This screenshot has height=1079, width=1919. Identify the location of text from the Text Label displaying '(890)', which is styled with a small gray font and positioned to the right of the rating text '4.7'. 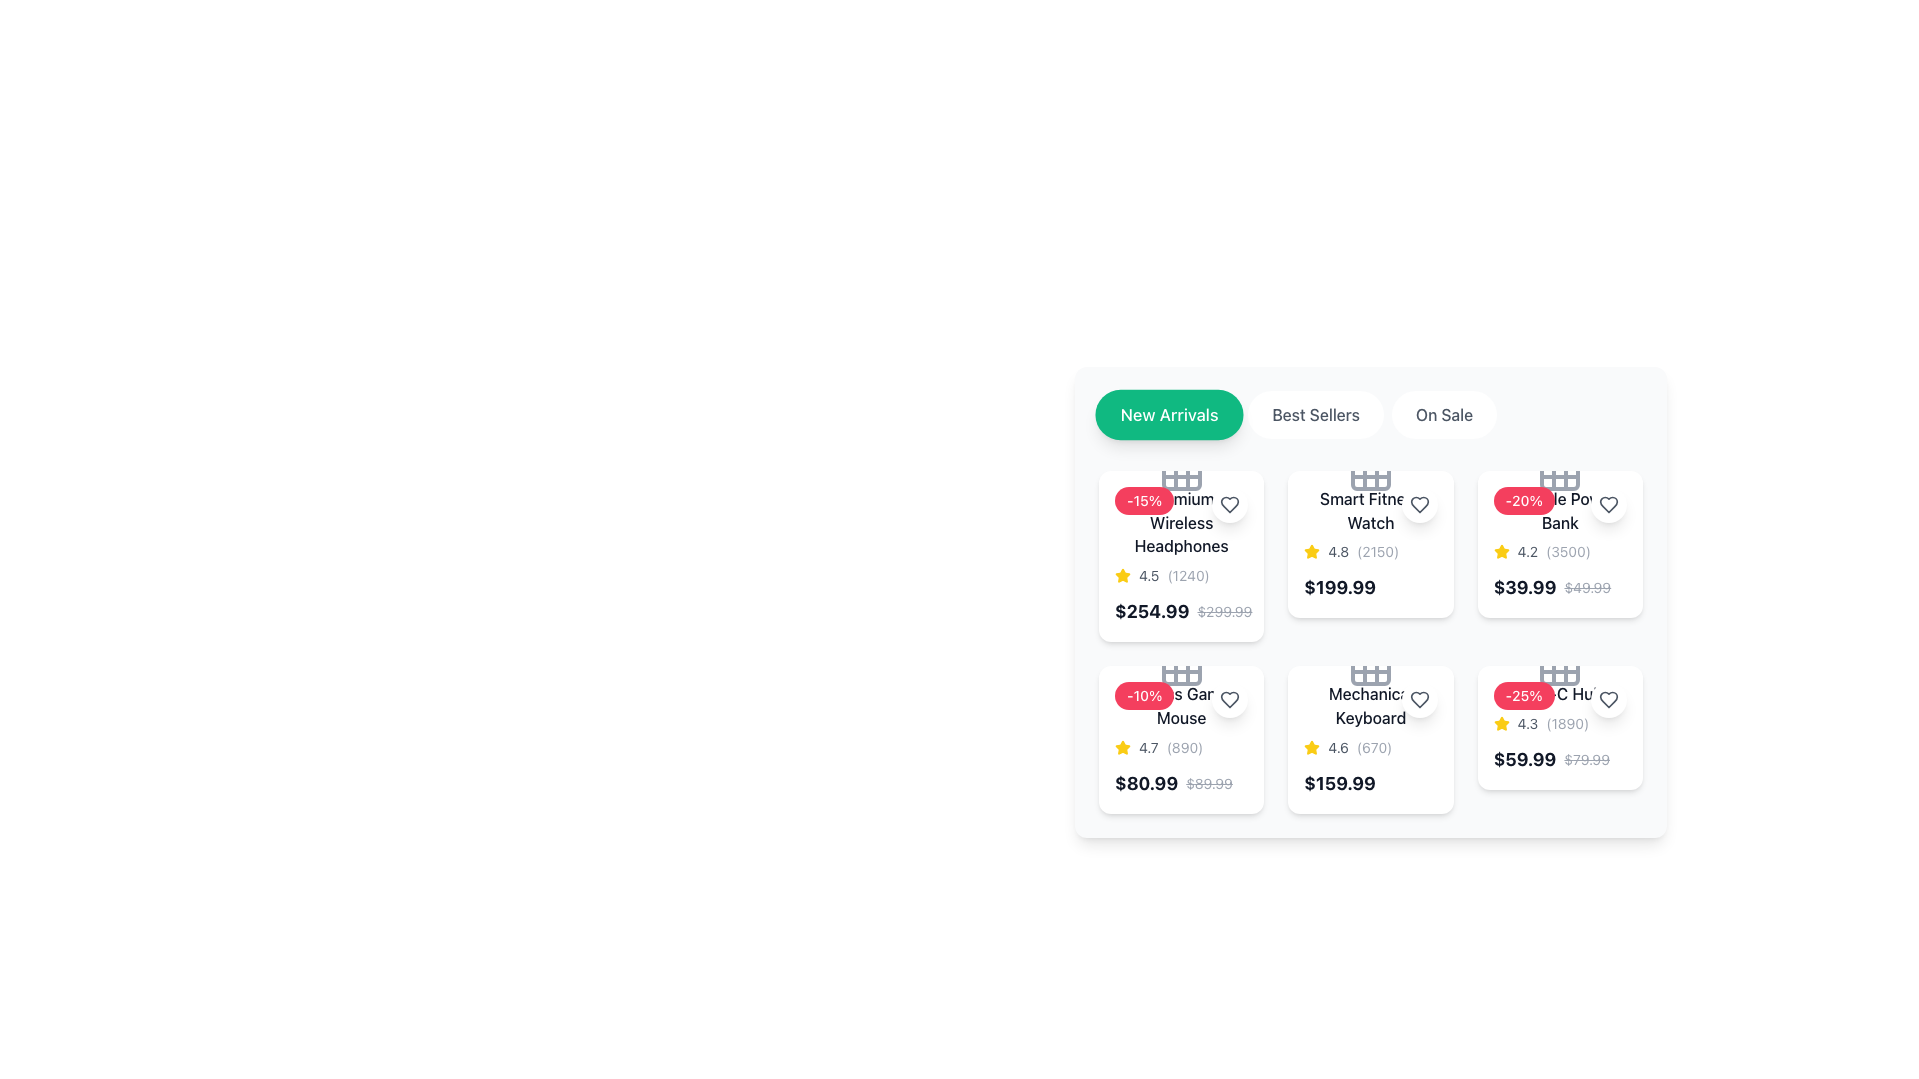
(1184, 747).